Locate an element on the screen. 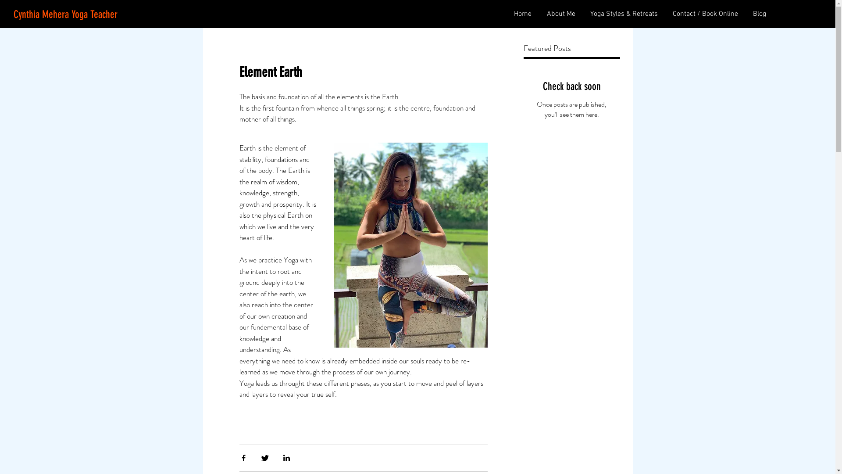 This screenshot has width=842, height=474. 'About Me' is located at coordinates (559, 14).